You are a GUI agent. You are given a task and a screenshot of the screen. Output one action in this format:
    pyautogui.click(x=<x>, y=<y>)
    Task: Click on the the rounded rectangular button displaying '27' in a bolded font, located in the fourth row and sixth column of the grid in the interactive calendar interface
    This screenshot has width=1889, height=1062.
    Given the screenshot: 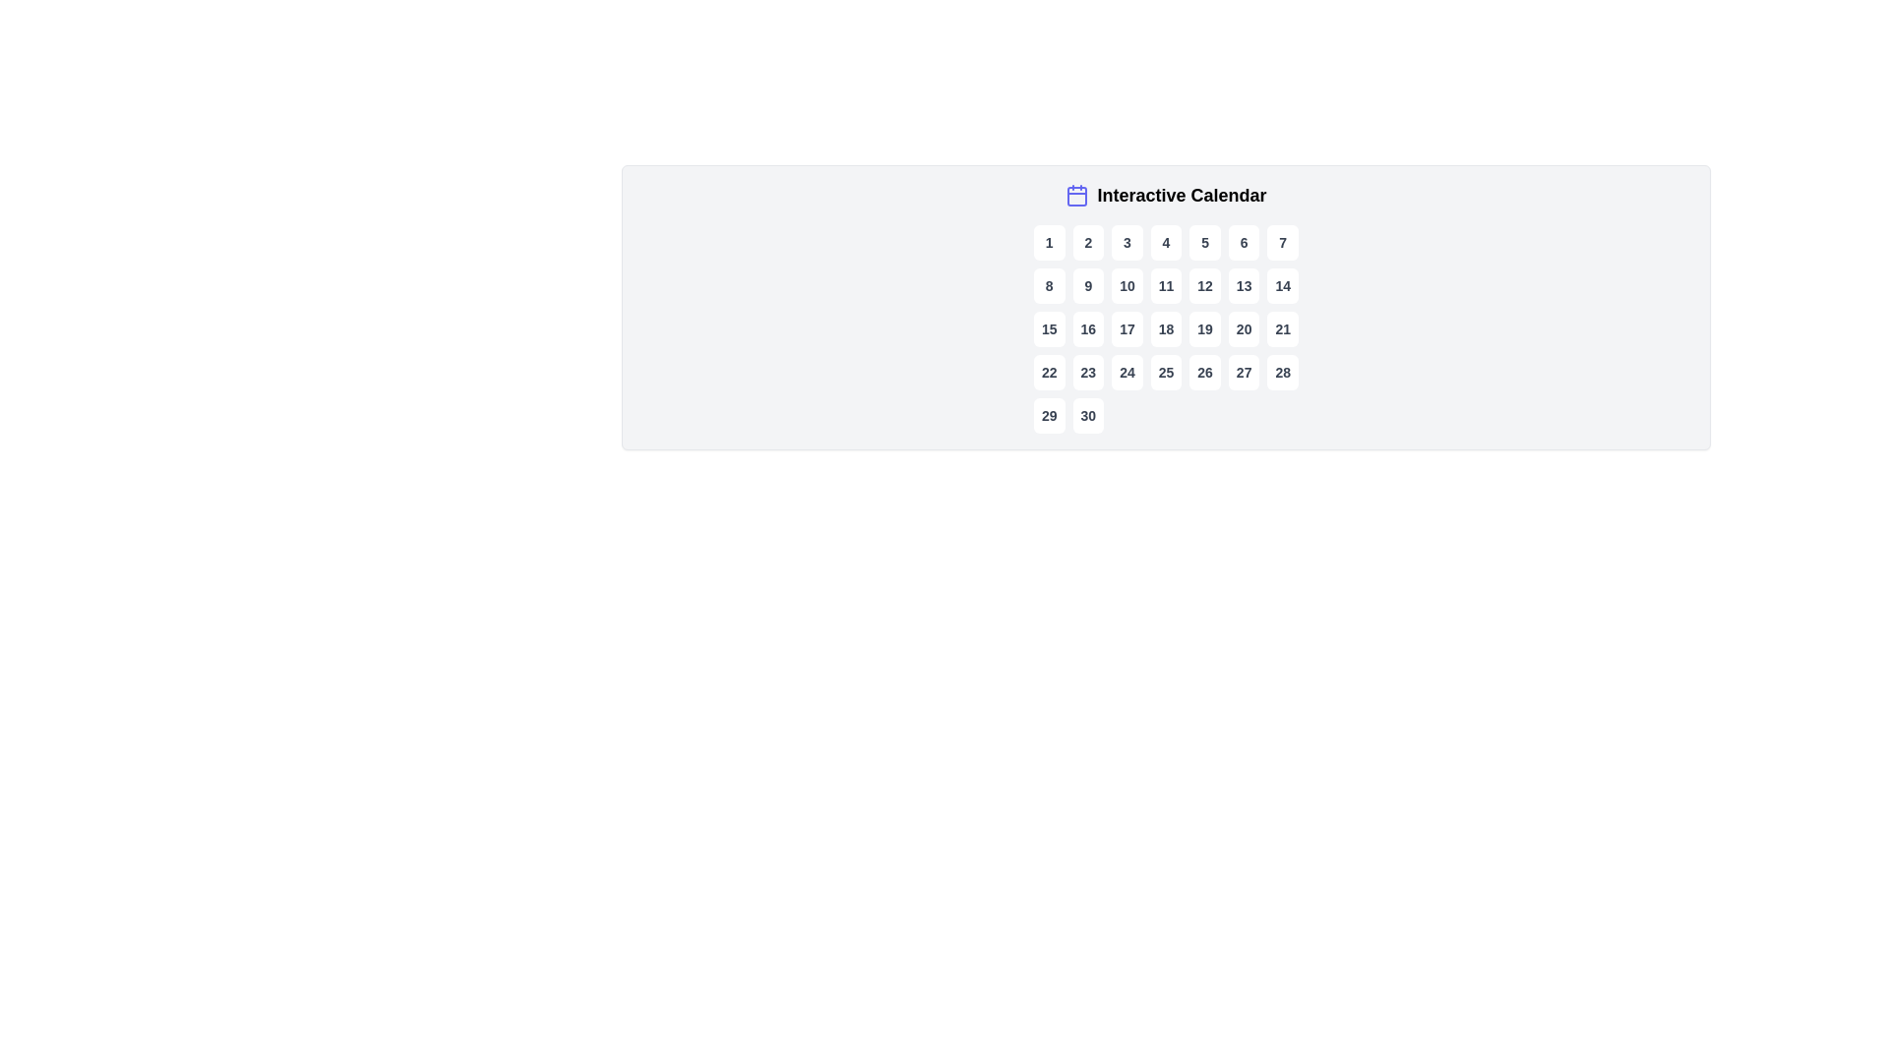 What is the action you would take?
    pyautogui.click(x=1243, y=372)
    